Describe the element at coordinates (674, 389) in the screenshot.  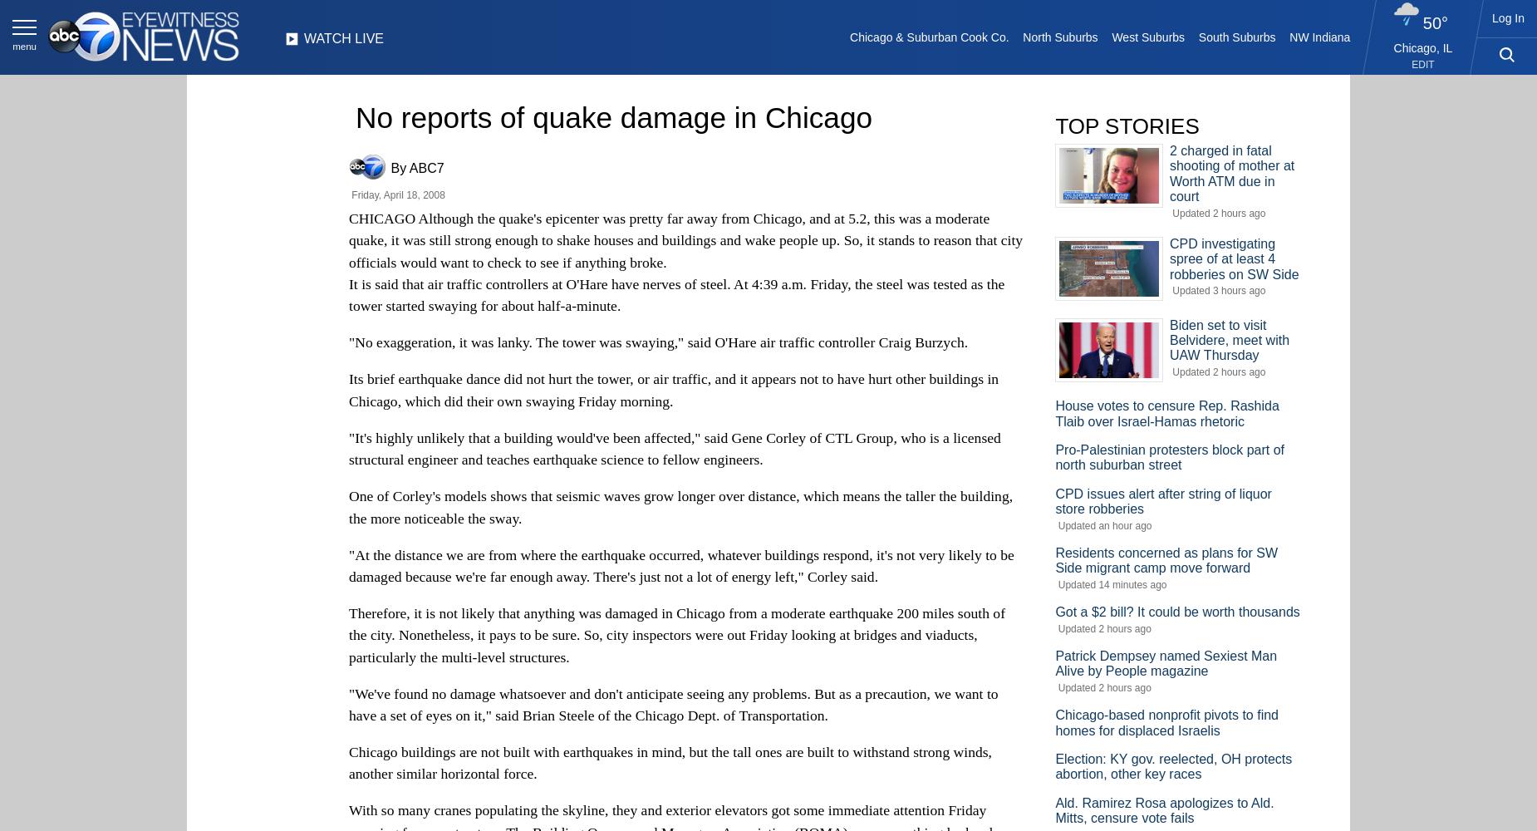
I see `'Its brief earthquake dance did not hurt the tower, or air traffic, and it appears not to have hurt other buildings in Chicago, which did their own swaying Friday morning.'` at that location.